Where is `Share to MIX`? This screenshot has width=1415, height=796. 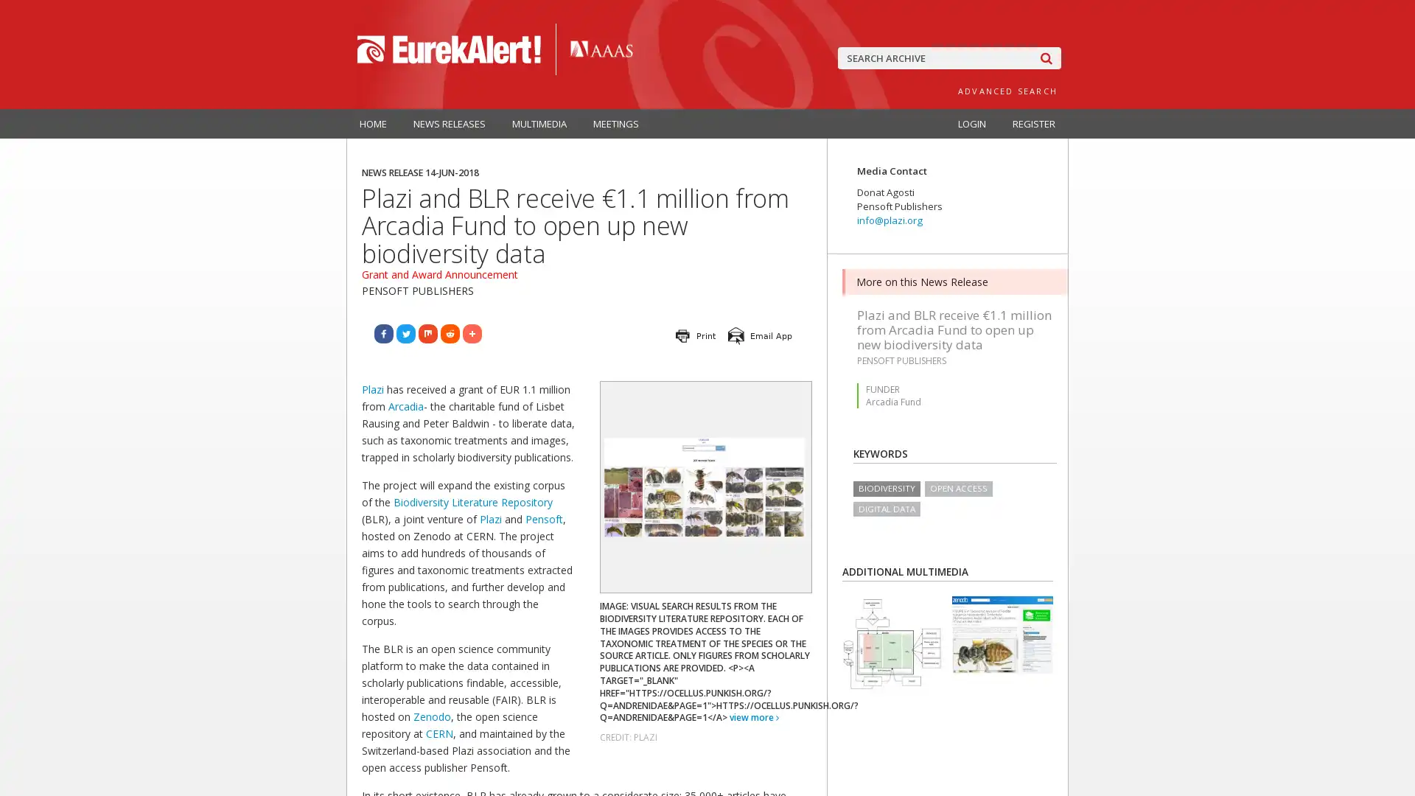 Share to MIX is located at coordinates (427, 333).